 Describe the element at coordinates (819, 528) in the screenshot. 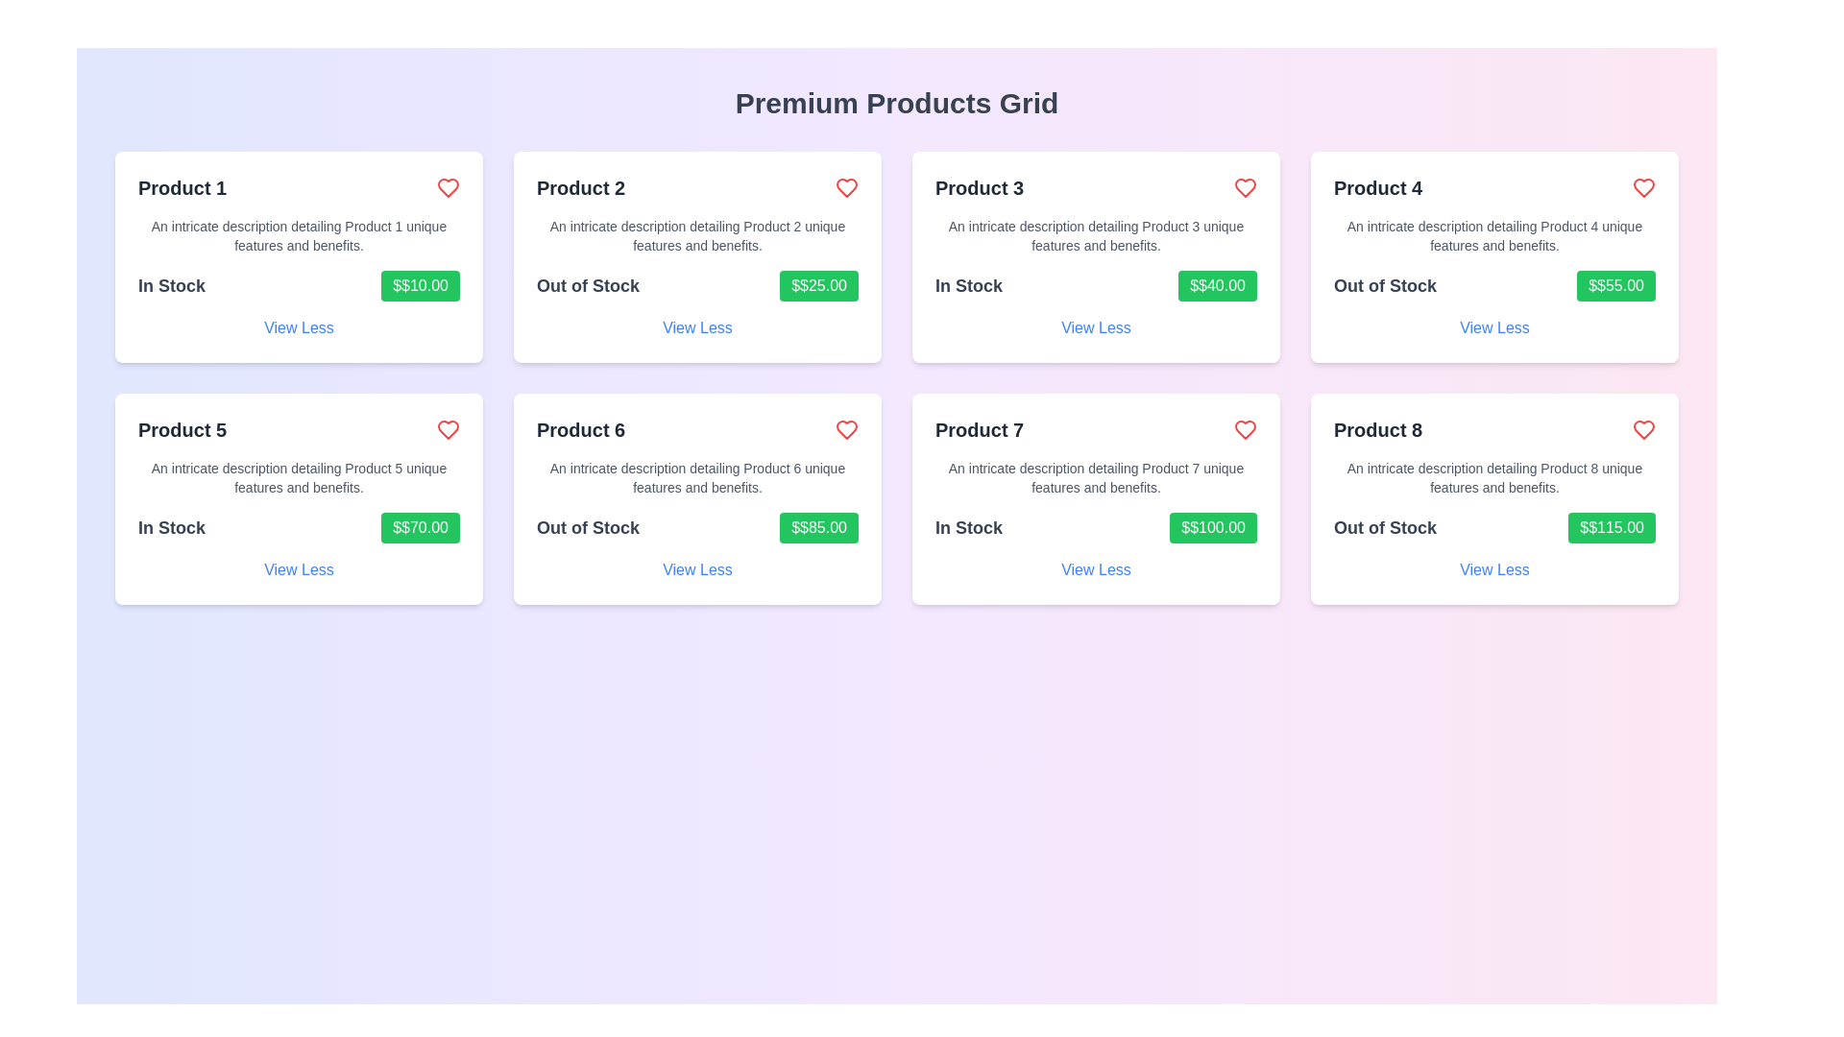

I see `the price display button for 'Product 6'` at that location.